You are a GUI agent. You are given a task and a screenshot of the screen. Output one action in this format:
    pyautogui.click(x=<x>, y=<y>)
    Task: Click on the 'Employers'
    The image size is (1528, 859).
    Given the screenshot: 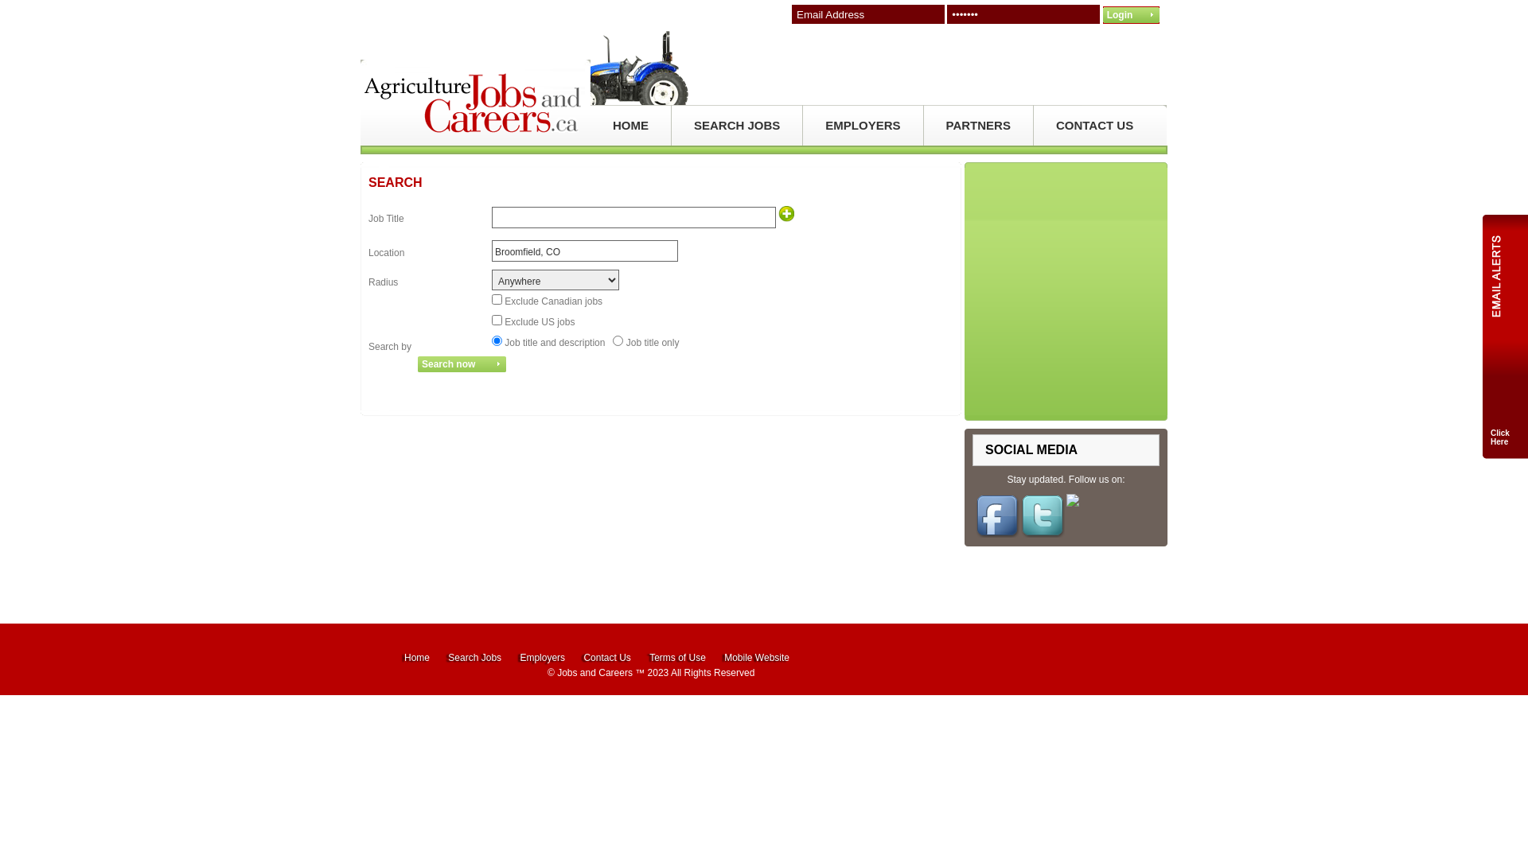 What is the action you would take?
    pyautogui.click(x=519, y=657)
    